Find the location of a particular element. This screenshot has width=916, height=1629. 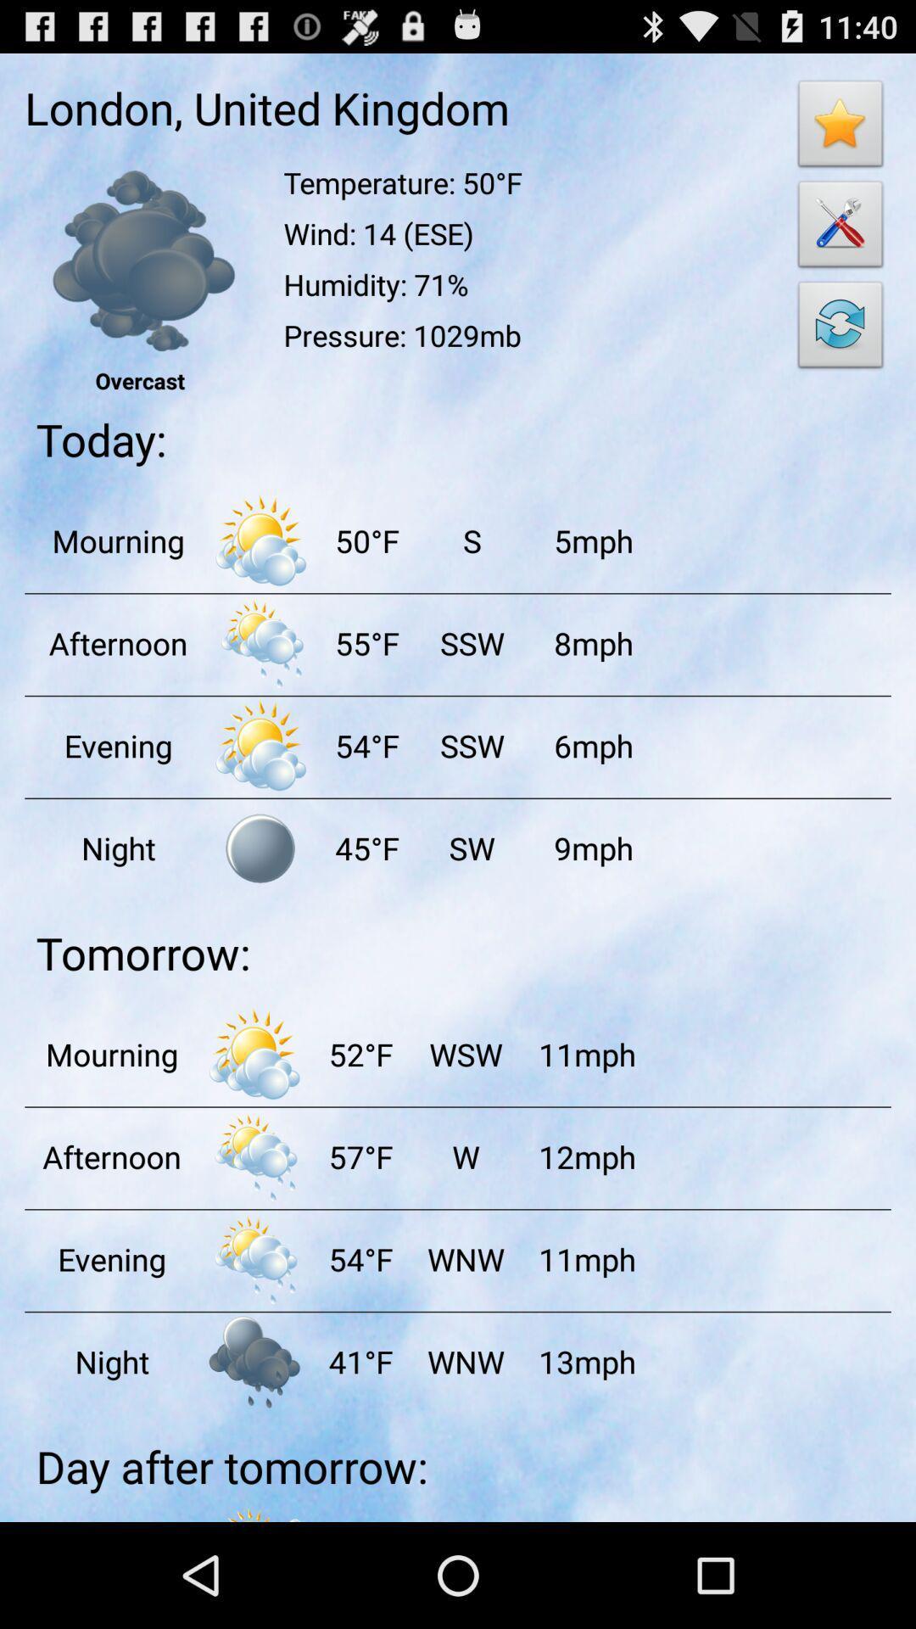

the build icon is located at coordinates (841, 244).